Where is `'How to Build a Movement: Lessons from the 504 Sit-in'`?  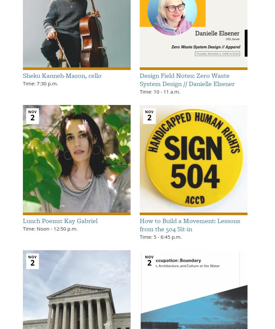 'How to Build a Movement: Lessons from the 504 Sit-in' is located at coordinates (139, 224).